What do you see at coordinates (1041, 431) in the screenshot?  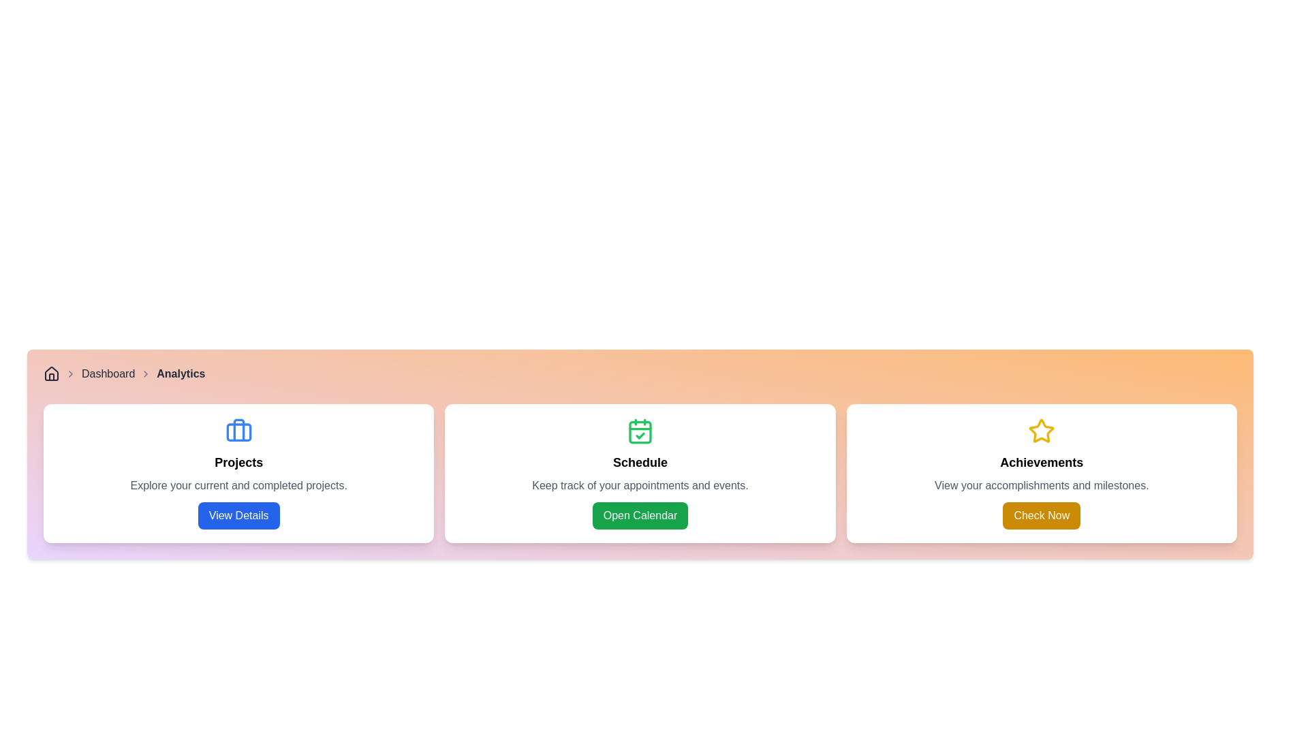 I see `the achievement theme icon located at the top center of the 'Achievements' section, which is the rightmost of three horizontally arranged cards` at bounding box center [1041, 431].